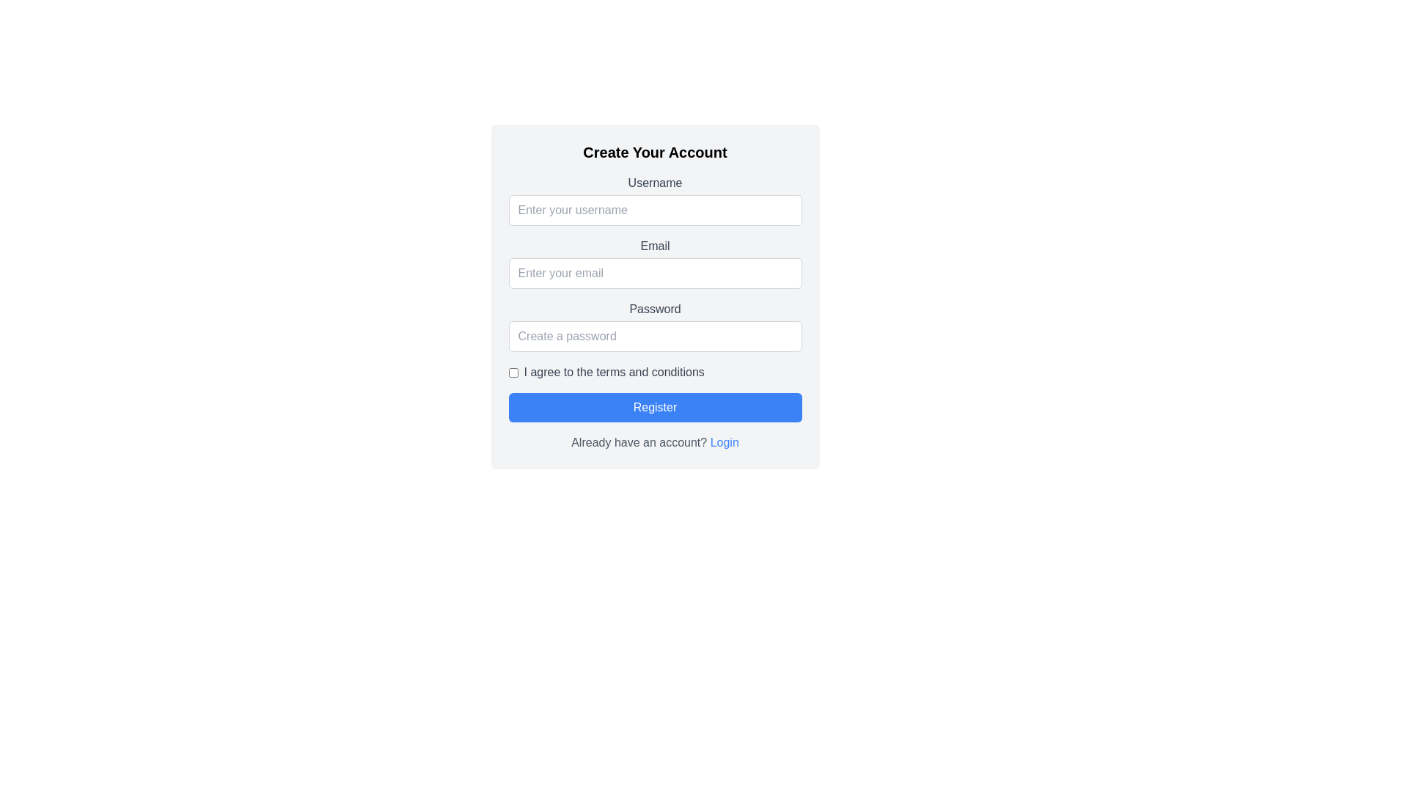 The height and width of the screenshot is (792, 1408). I want to click on the informational static text label that describes the purpose of the adjacent checkbox, located below the password creation field and above the 'Register' button, so click(614, 372).